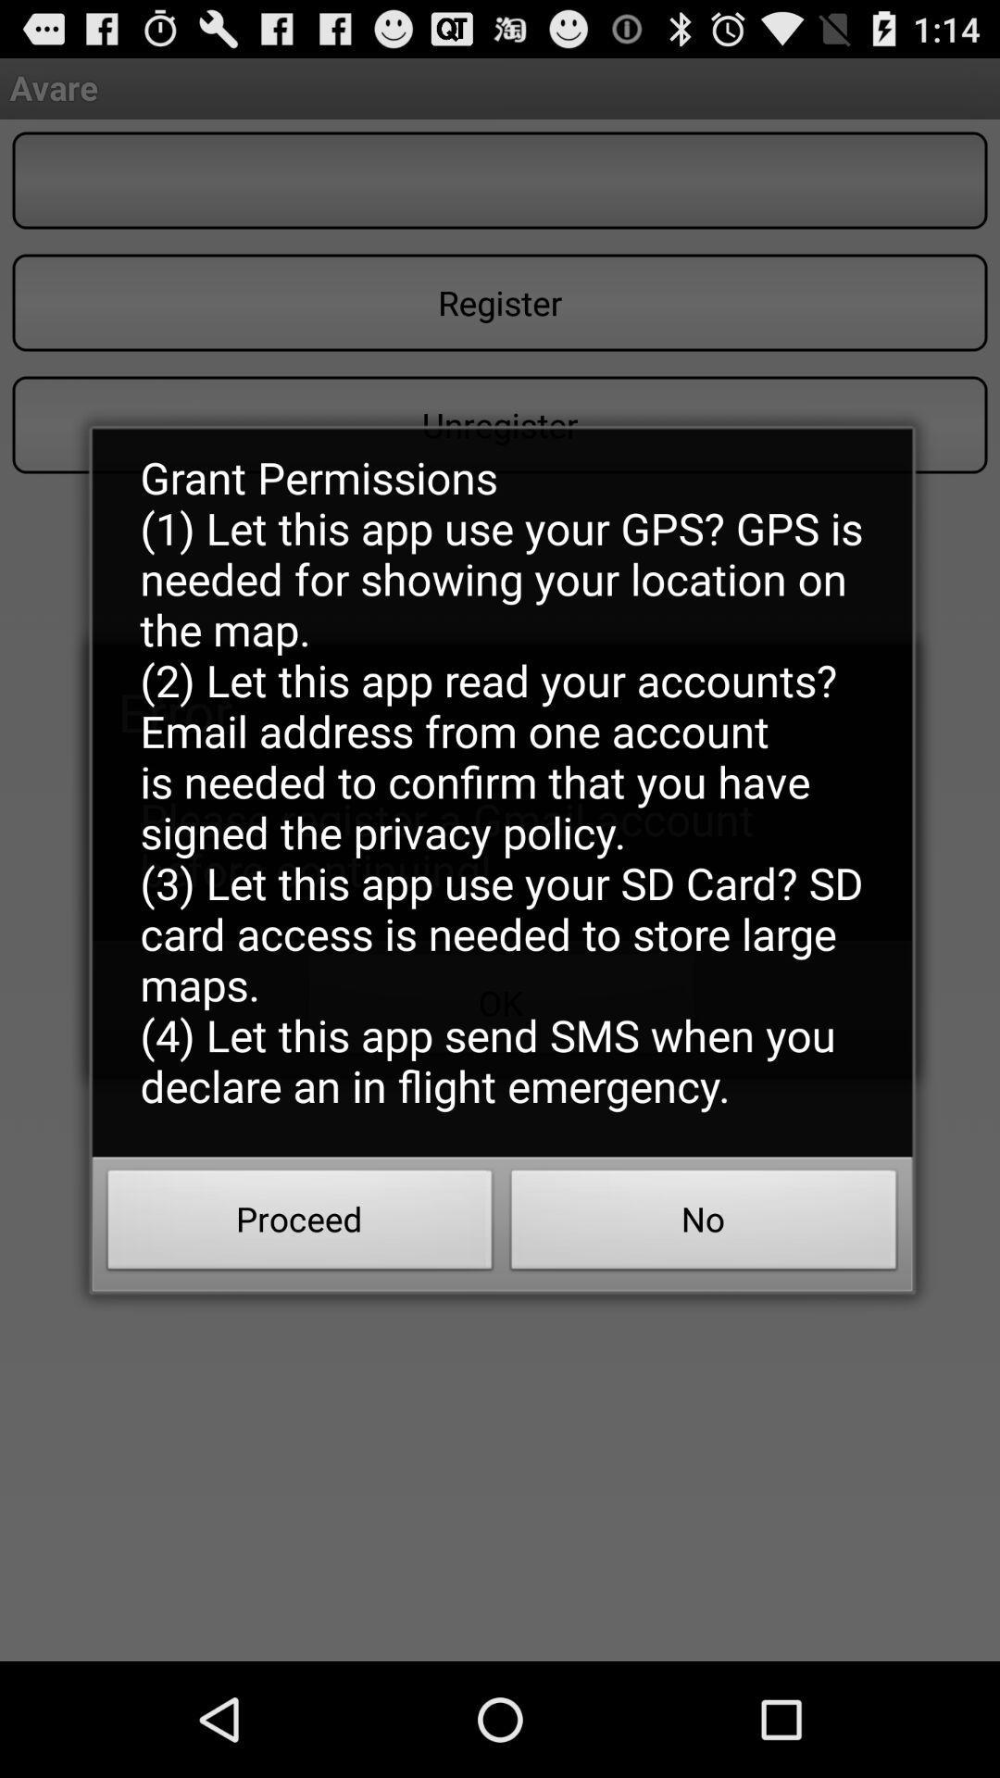 Image resolution: width=1000 pixels, height=1778 pixels. I want to click on the icon to the right of the proceed item, so click(704, 1225).